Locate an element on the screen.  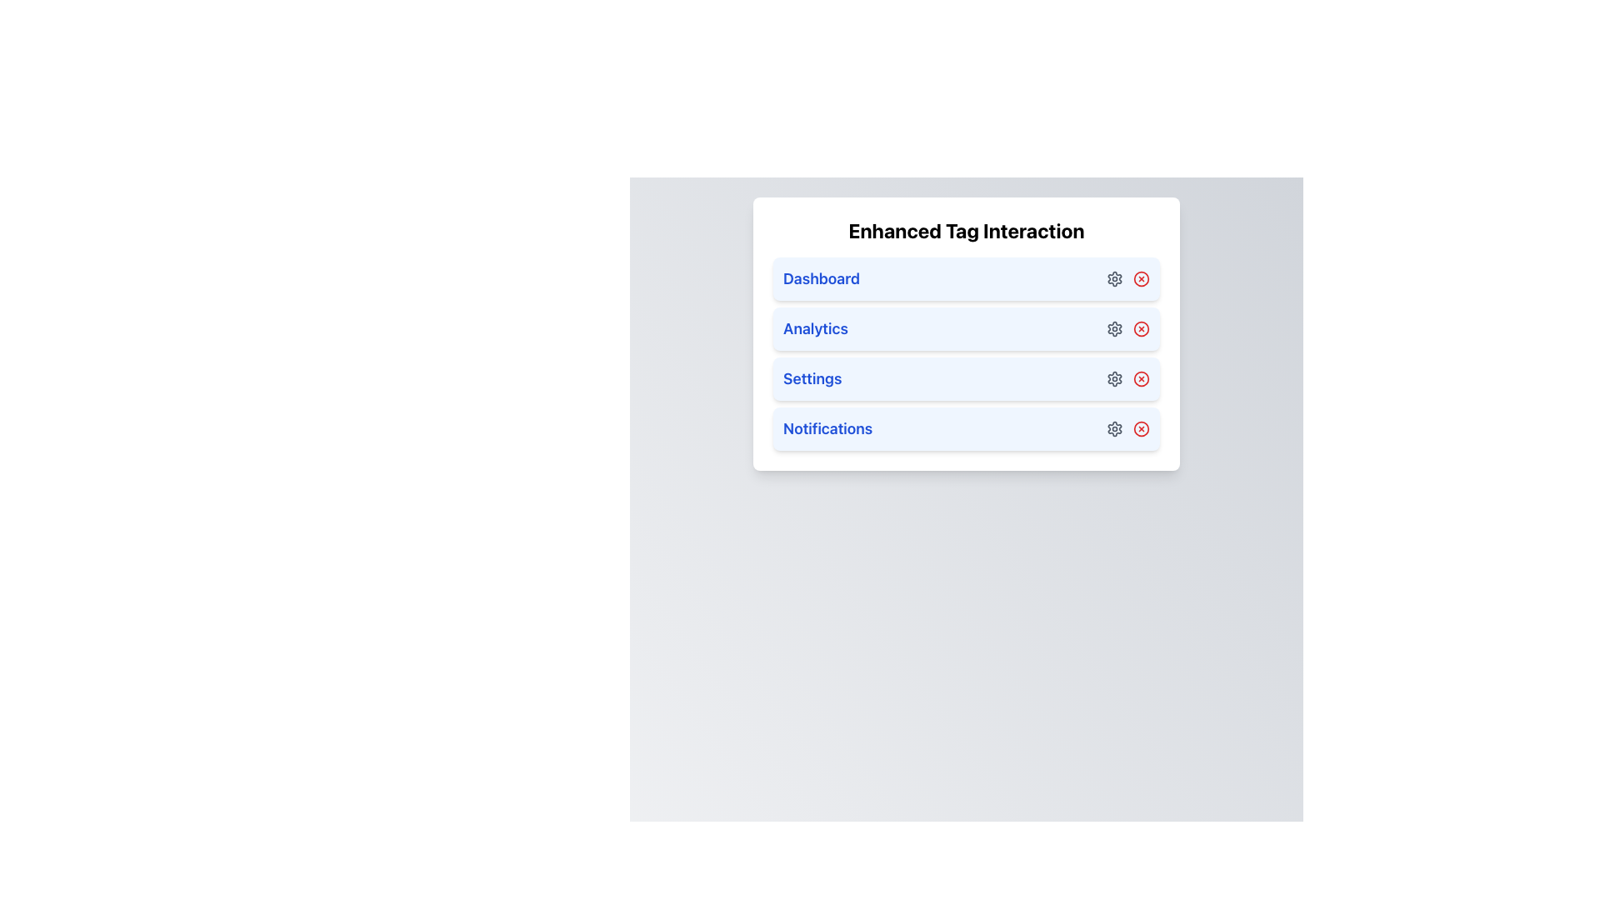
the interactive visual indicator icon for closing or removing the 'Analytics' category is located at coordinates (1140, 328).